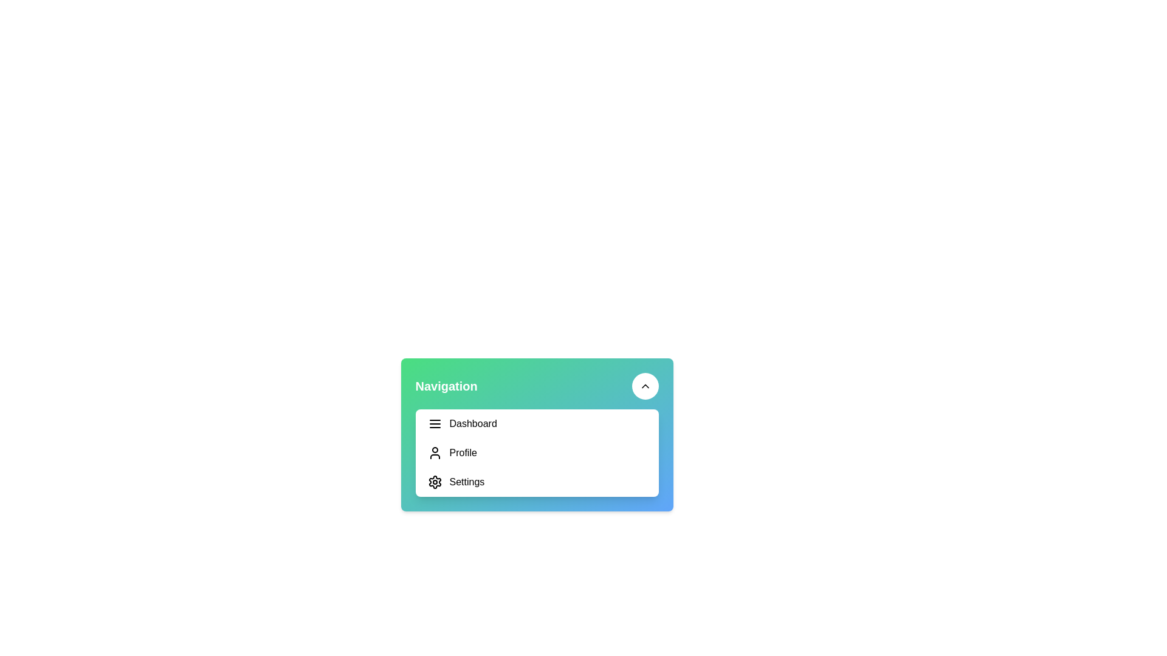 The width and height of the screenshot is (1167, 656). Describe the element at coordinates (536, 453) in the screenshot. I see `the 'Profile' menu item in the vertical list of options` at that location.